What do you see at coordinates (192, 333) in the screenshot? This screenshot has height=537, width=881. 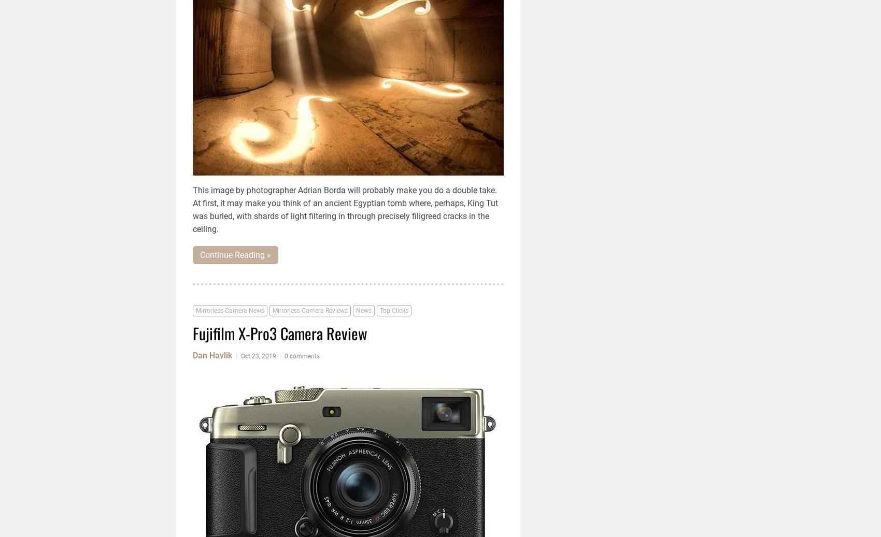 I see `'Fujifilm X-Pro3 Camera Review'` at bounding box center [192, 333].